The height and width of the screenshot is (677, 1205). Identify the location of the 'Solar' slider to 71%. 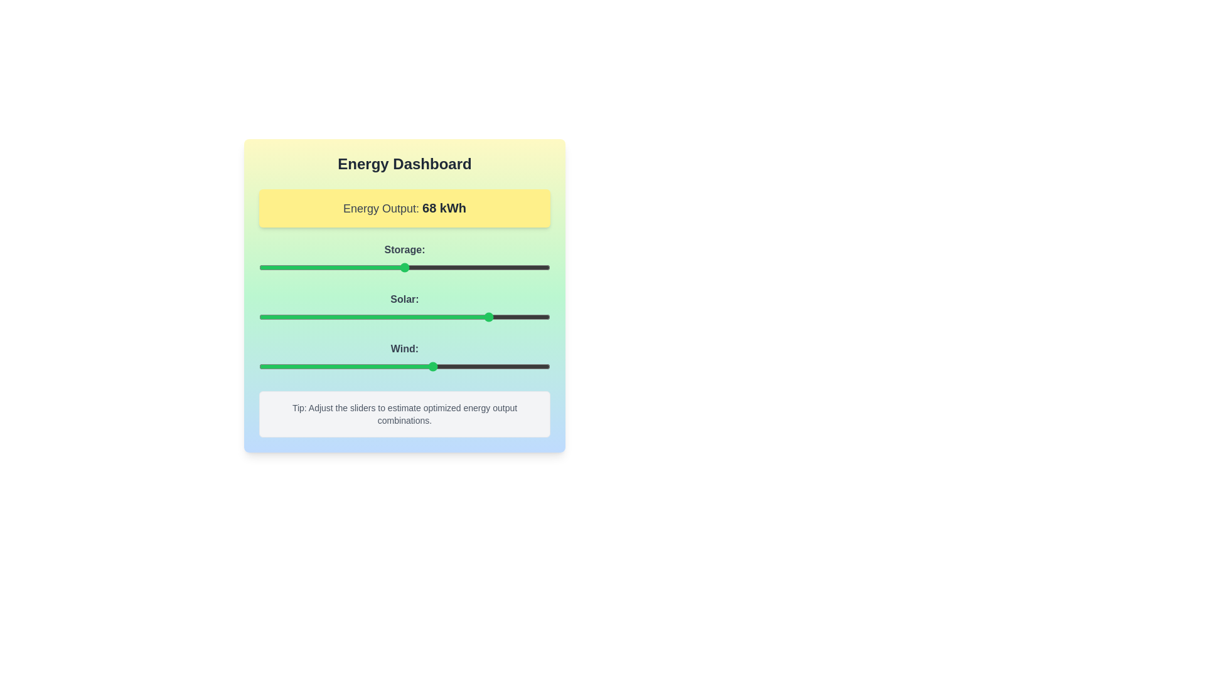
(465, 316).